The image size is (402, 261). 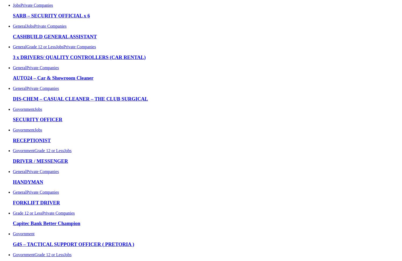 I want to click on 'RECEPTIONIST', so click(x=31, y=140).